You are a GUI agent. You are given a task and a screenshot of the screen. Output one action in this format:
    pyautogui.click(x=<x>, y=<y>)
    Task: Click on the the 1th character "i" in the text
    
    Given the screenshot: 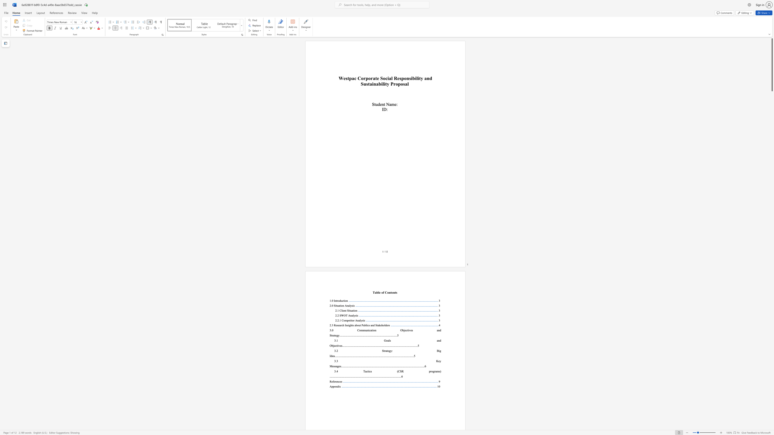 What is the action you would take?
    pyautogui.click(x=344, y=301)
    